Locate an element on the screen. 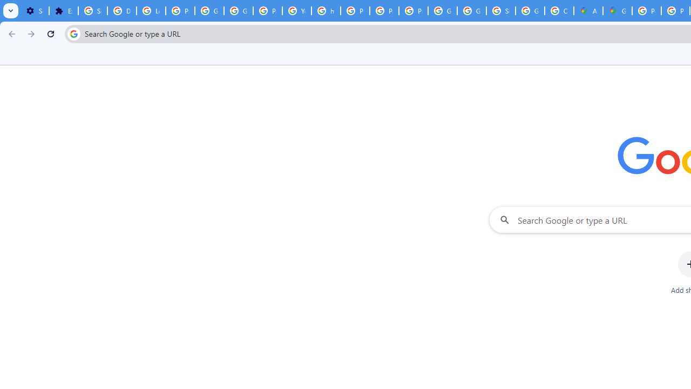 This screenshot has width=691, height=389. 'Google Account Help' is located at coordinates (238, 11).